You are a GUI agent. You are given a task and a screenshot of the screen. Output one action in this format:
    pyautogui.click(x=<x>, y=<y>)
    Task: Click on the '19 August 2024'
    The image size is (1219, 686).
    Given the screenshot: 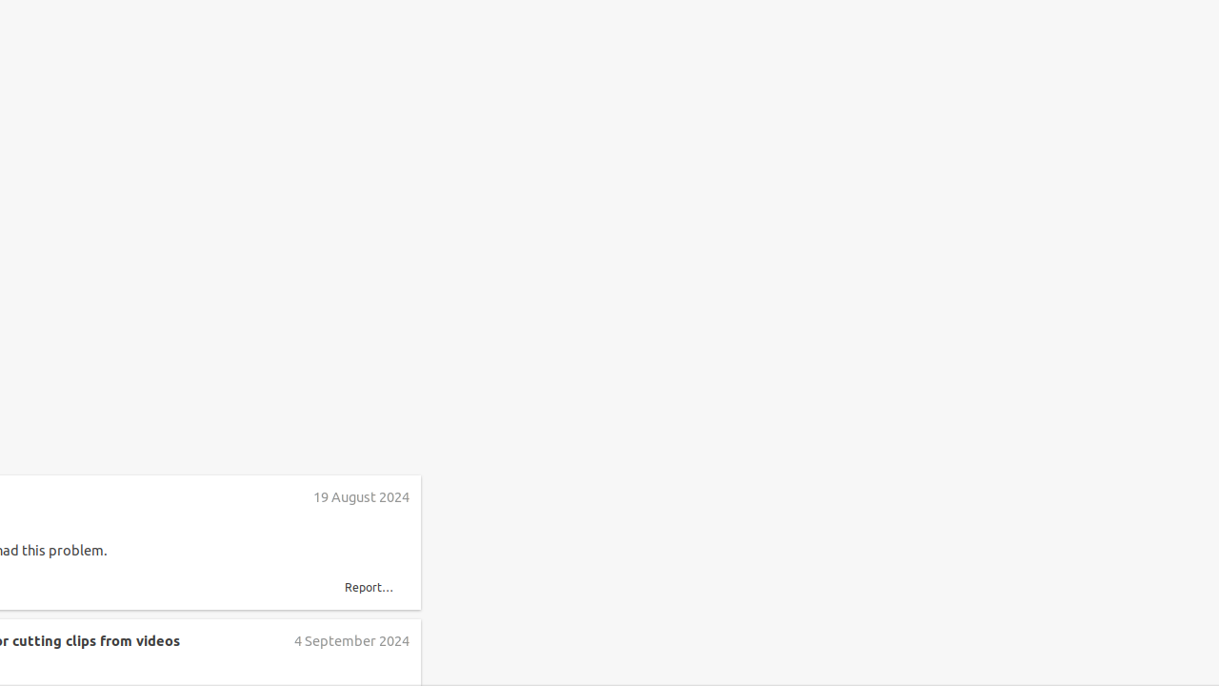 What is the action you would take?
    pyautogui.click(x=361, y=495)
    